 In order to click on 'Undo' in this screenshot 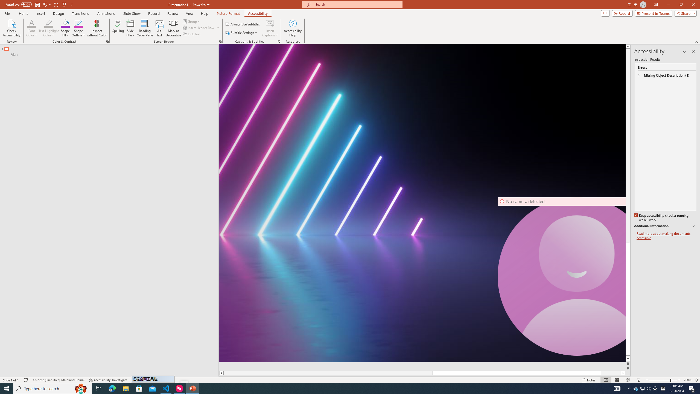, I will do `click(46, 4)`.